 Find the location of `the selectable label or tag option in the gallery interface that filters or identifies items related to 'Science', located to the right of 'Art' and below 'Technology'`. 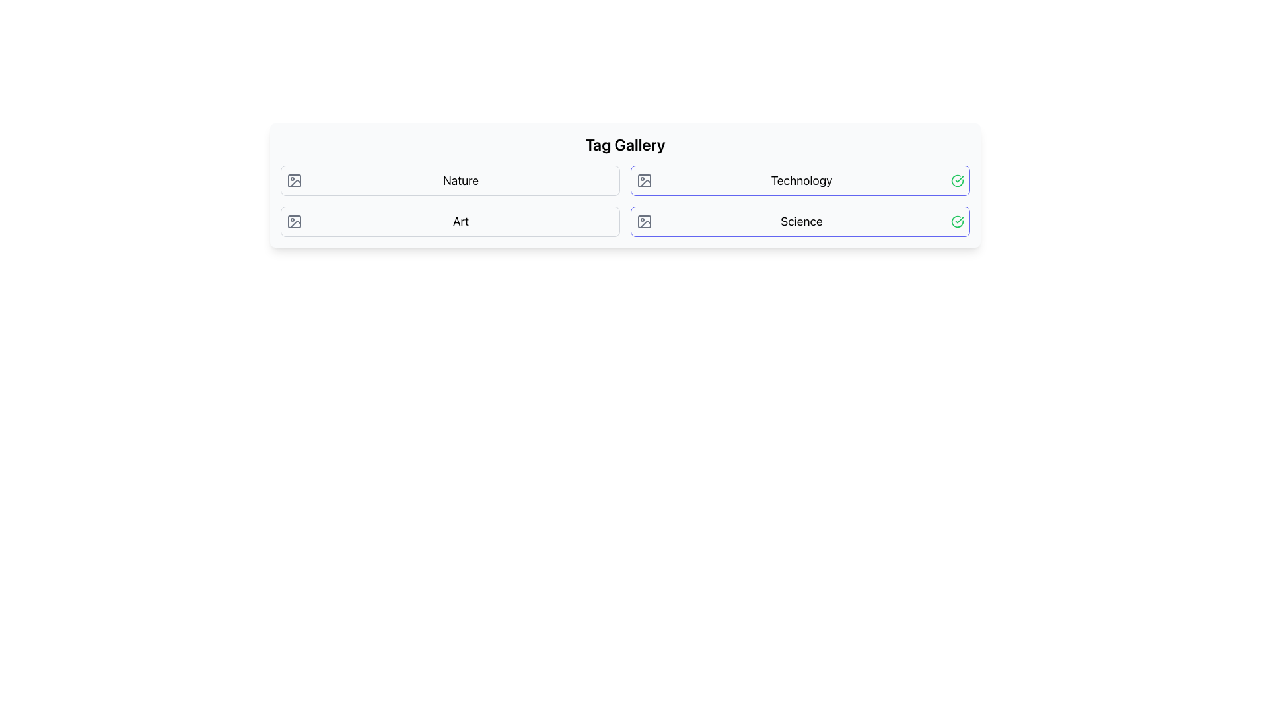

the selectable label or tag option in the gallery interface that filters or identifies items related to 'Science', located to the right of 'Art' and below 'Technology' is located at coordinates (801, 221).